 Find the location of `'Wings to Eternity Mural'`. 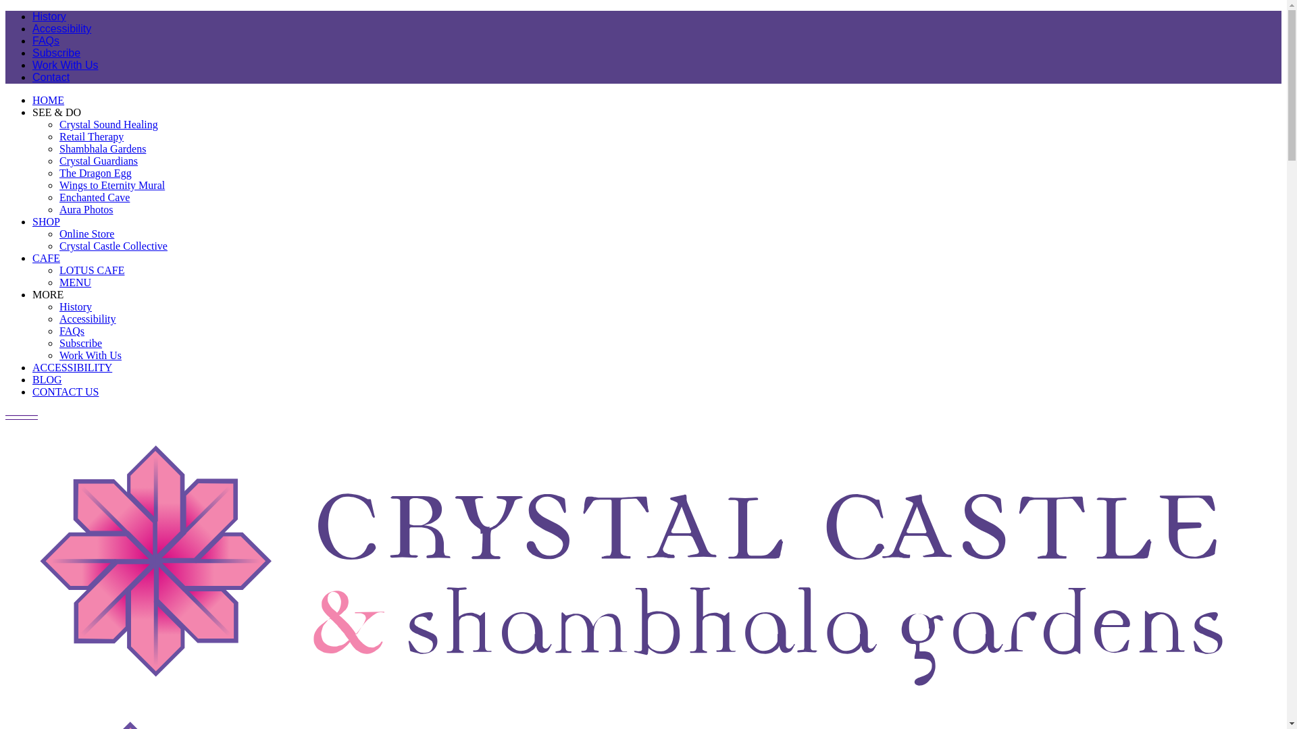

'Wings to Eternity Mural' is located at coordinates (112, 185).